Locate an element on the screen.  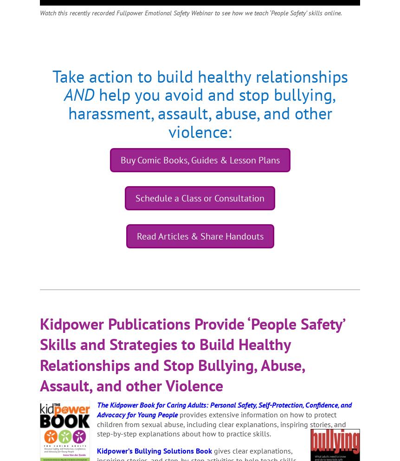
'Watch this recently recorded Fullpower Emotional Safety Webinar to see how we teach ‘People Safety’ skills online.' is located at coordinates (190, 13).